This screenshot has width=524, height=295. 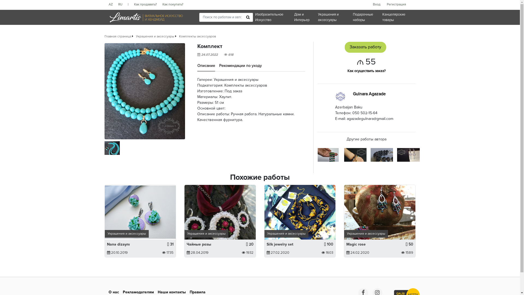 What do you see at coordinates (369, 94) in the screenshot?
I see `'Gulnara Agazade'` at bounding box center [369, 94].